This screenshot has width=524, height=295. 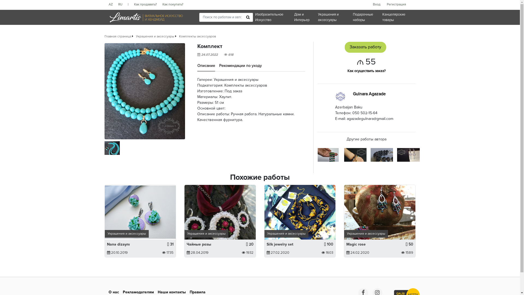 What do you see at coordinates (369, 94) in the screenshot?
I see `'Gulnara Agazade'` at bounding box center [369, 94].